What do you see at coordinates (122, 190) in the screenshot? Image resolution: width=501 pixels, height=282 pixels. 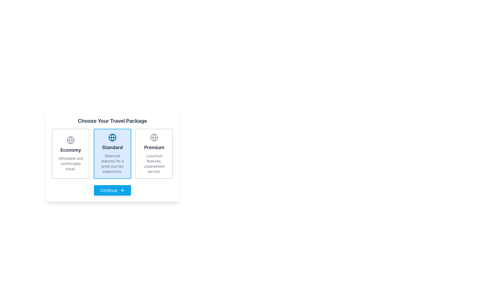 I see `the white outline arrow icon located on the right side of the blue 'Continue' button at the bottom center of the interface` at bounding box center [122, 190].